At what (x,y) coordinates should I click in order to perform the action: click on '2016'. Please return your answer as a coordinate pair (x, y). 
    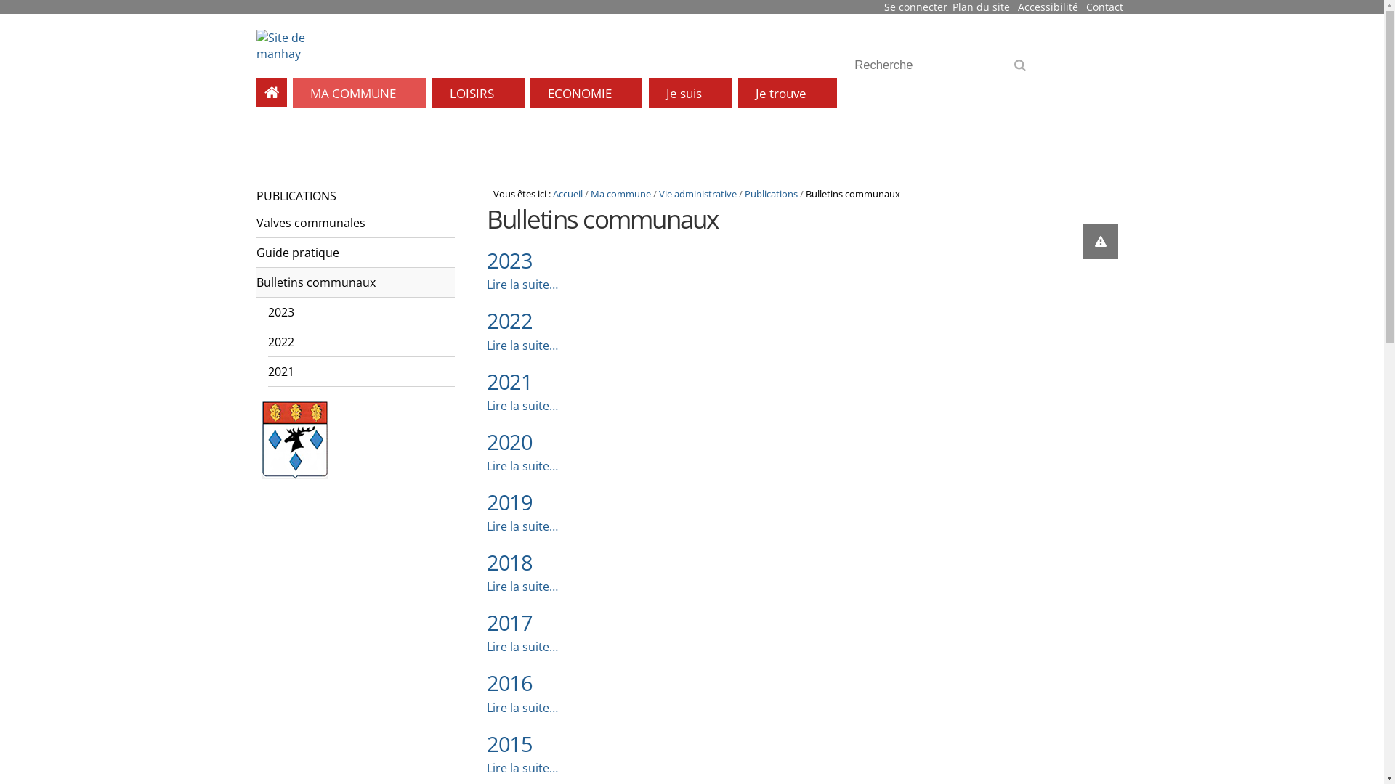
    Looking at the image, I should click on (509, 682).